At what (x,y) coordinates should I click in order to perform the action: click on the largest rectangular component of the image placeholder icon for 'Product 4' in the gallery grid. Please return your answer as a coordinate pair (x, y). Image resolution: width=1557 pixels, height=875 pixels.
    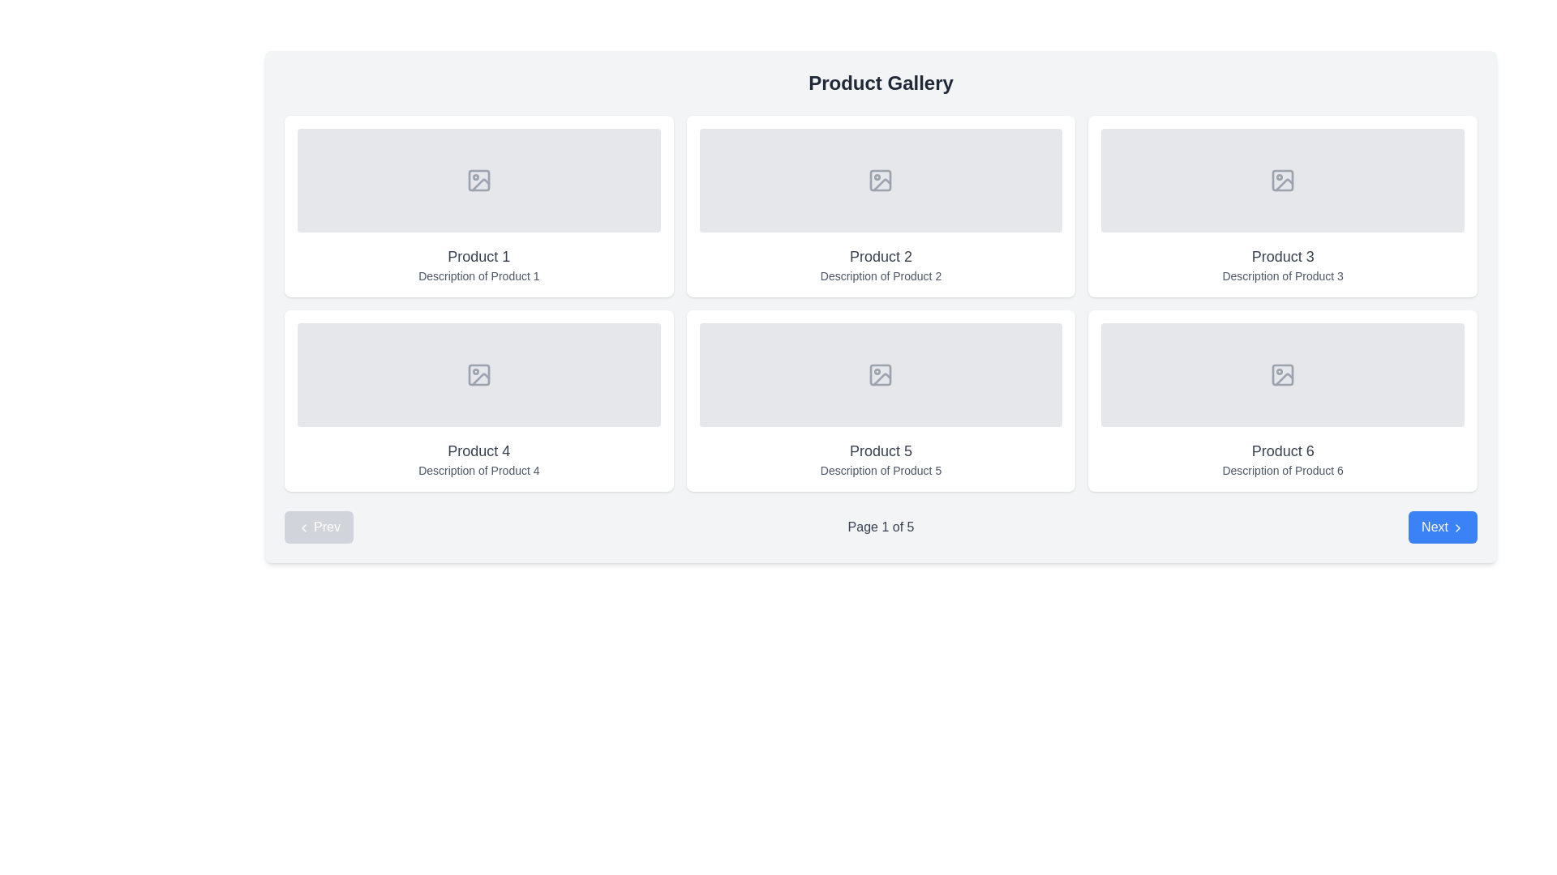
    Looking at the image, I should click on (478, 374).